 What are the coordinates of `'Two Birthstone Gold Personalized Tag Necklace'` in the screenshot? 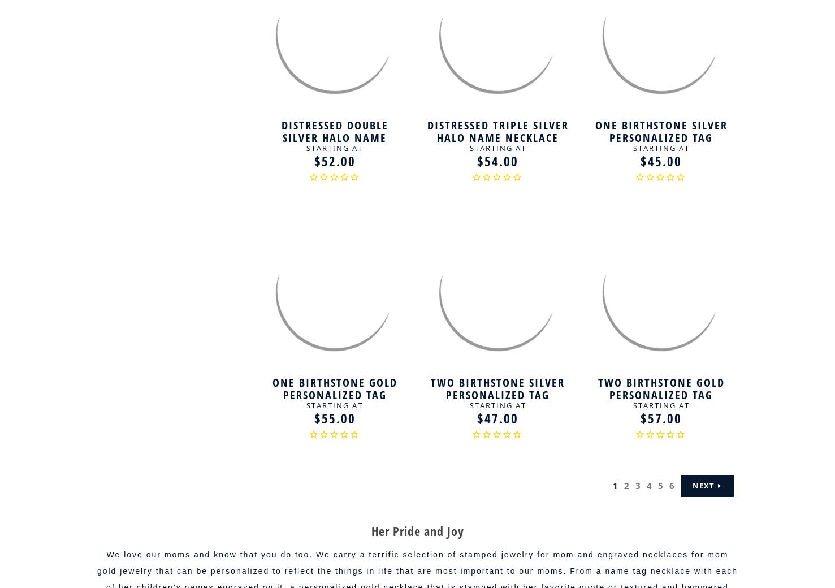 It's located at (660, 395).